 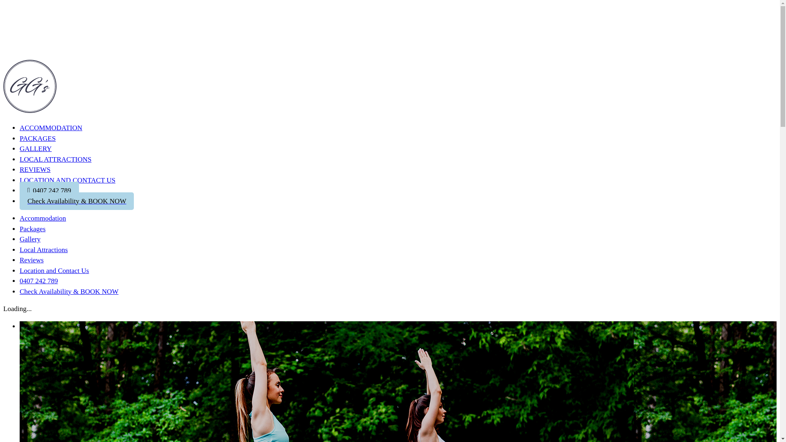 I want to click on 'Accommodation', so click(x=20, y=218).